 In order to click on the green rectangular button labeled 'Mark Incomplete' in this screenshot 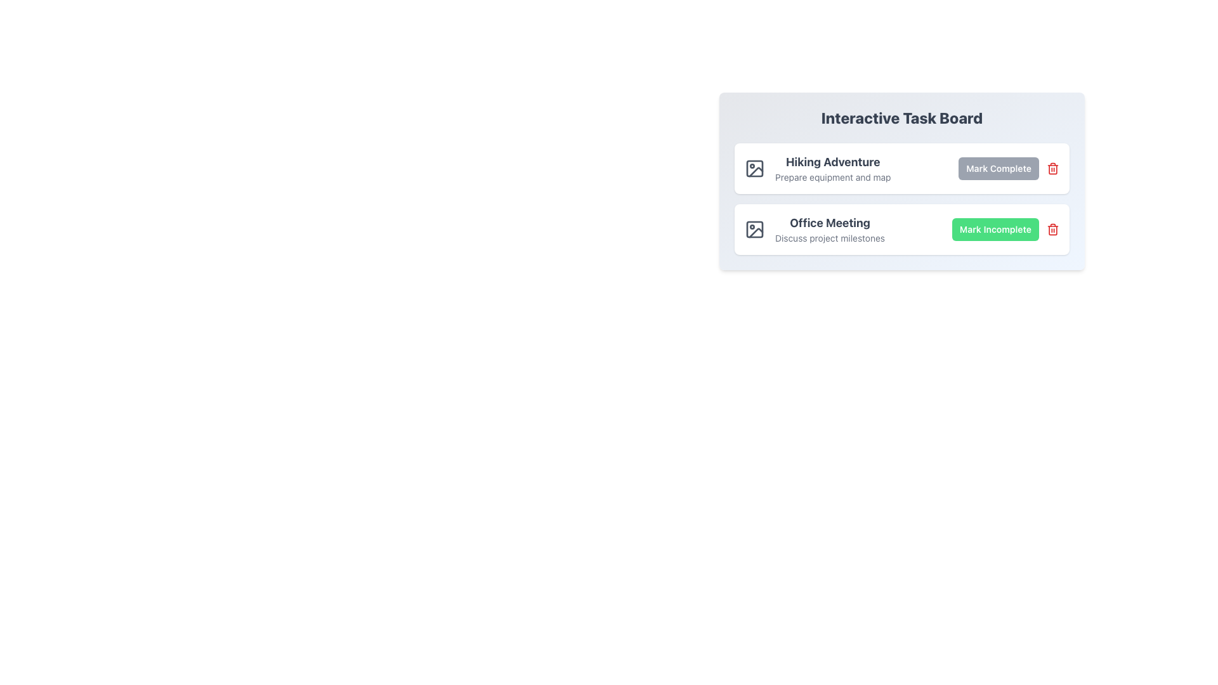, I will do `click(1005, 230)`.